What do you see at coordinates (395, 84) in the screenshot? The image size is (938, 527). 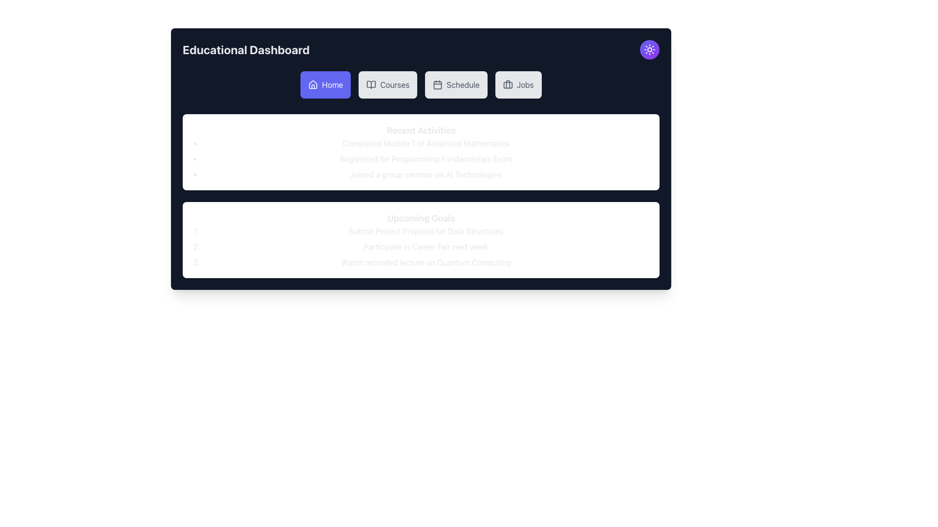 I see `text label element named 'Courses' which is styled in gray and located within a horizontal navigation bar` at bounding box center [395, 84].